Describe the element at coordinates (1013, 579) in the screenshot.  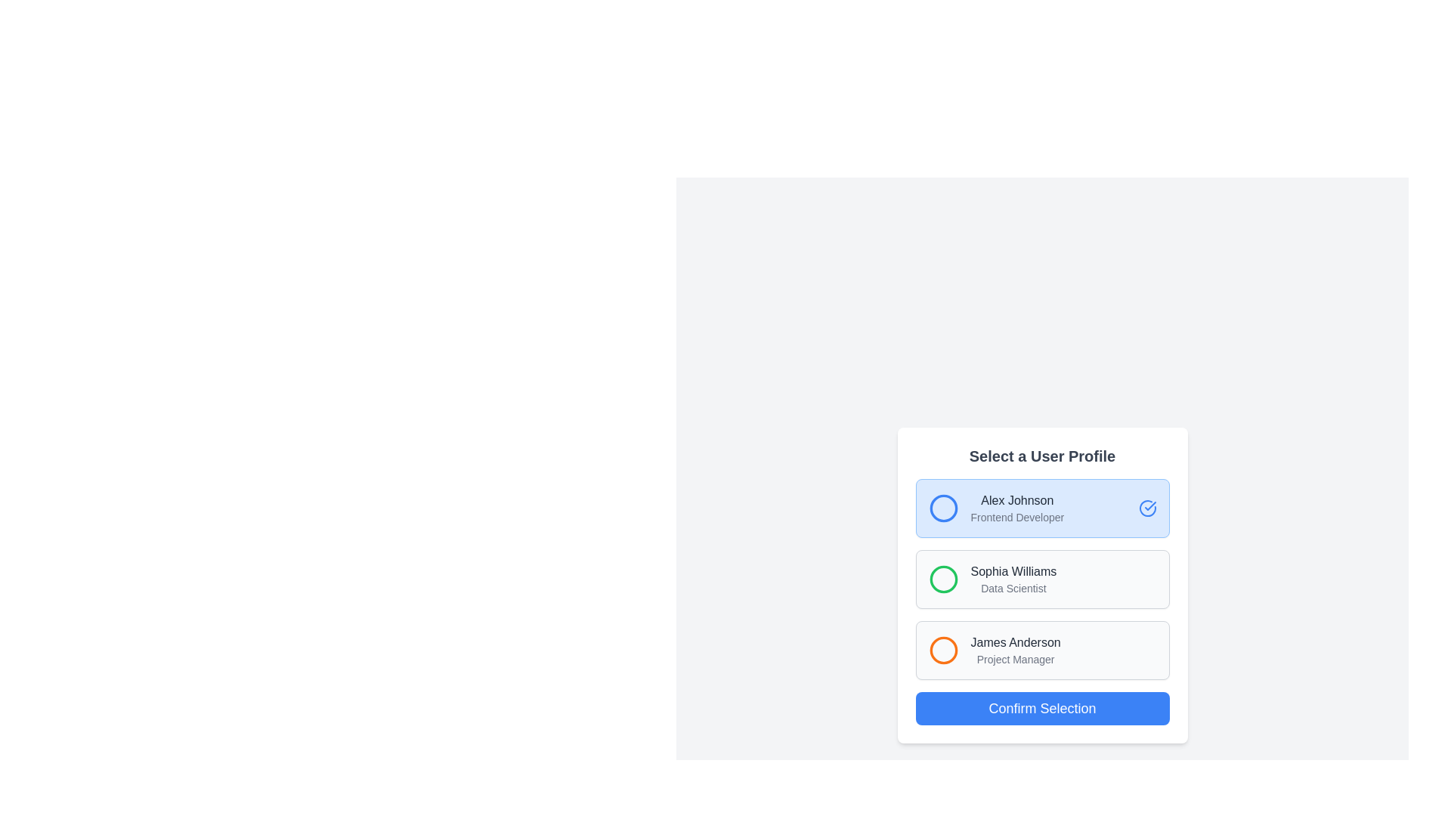
I see `the list item for 'Sophia Williams, Data Scientist'` at that location.